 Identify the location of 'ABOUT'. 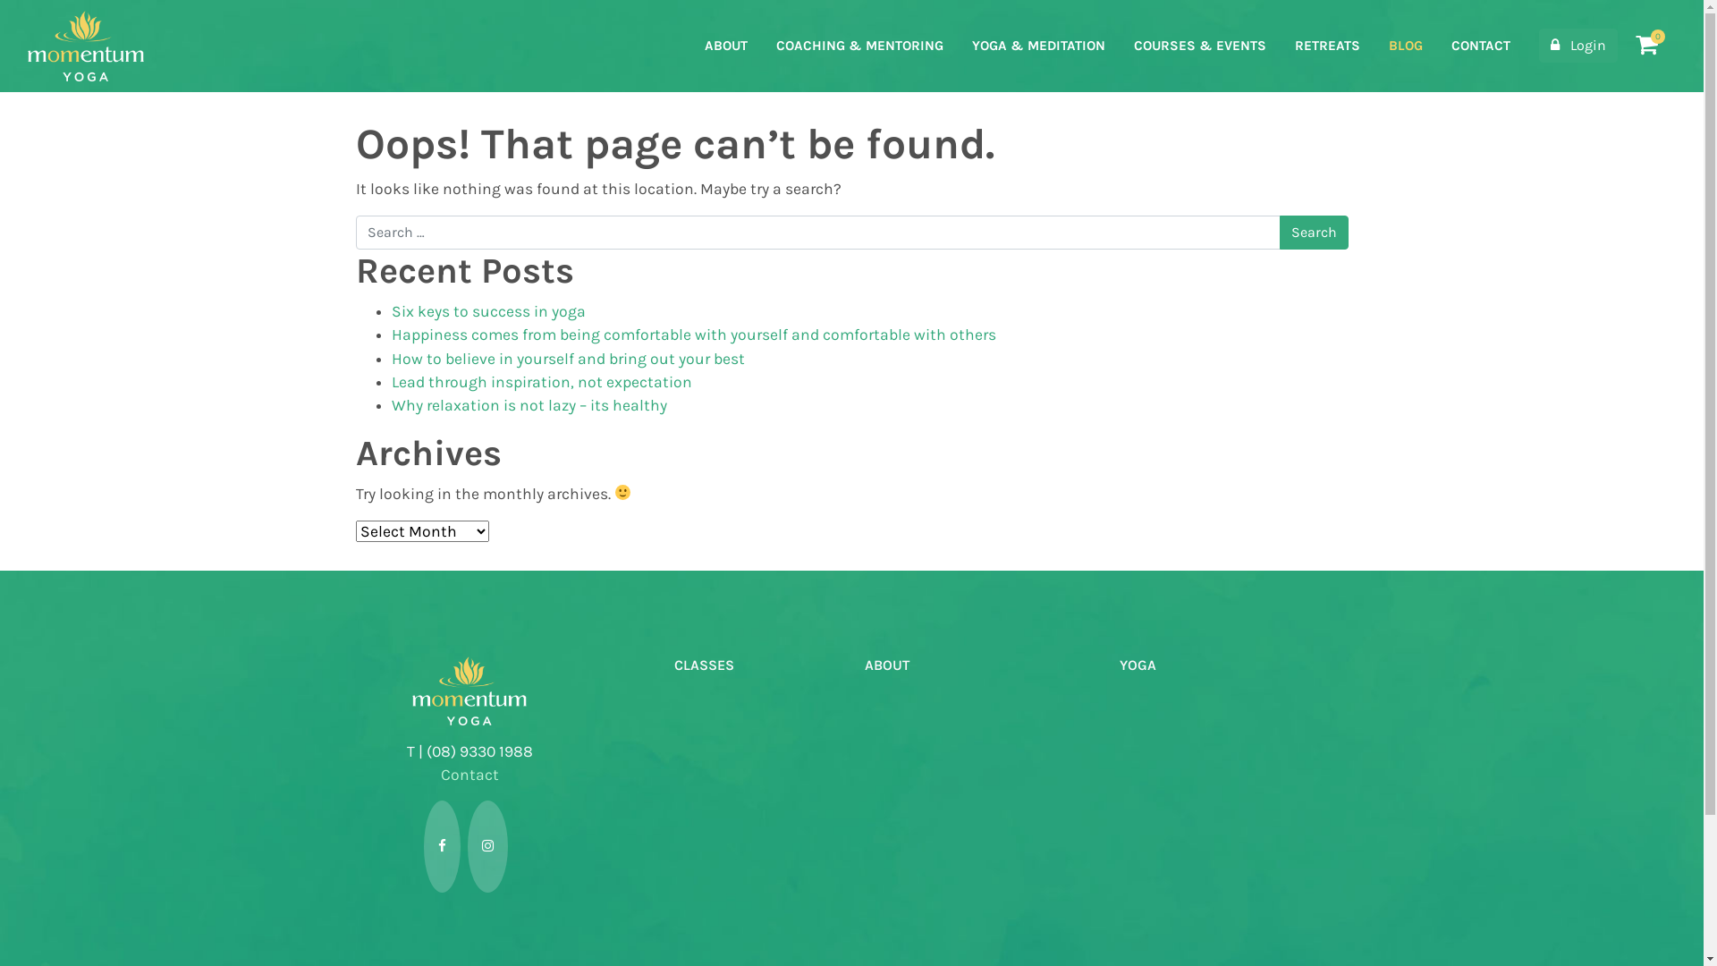
(725, 45).